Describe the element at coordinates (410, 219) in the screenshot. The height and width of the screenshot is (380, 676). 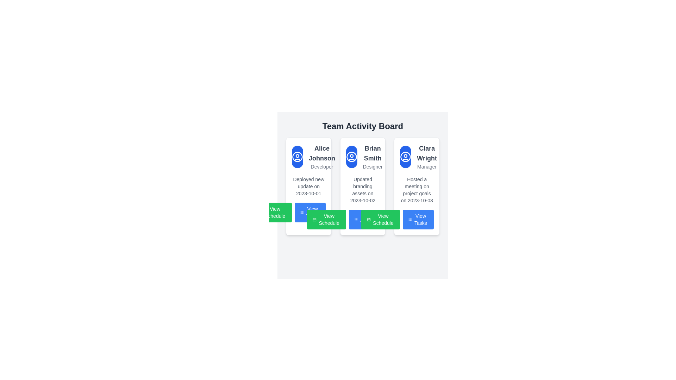
I see `the decorative icon within the 'View Tasks' button located at the bottom of the third card in the 'Team Activity Board' section for Clara Wright` at that location.